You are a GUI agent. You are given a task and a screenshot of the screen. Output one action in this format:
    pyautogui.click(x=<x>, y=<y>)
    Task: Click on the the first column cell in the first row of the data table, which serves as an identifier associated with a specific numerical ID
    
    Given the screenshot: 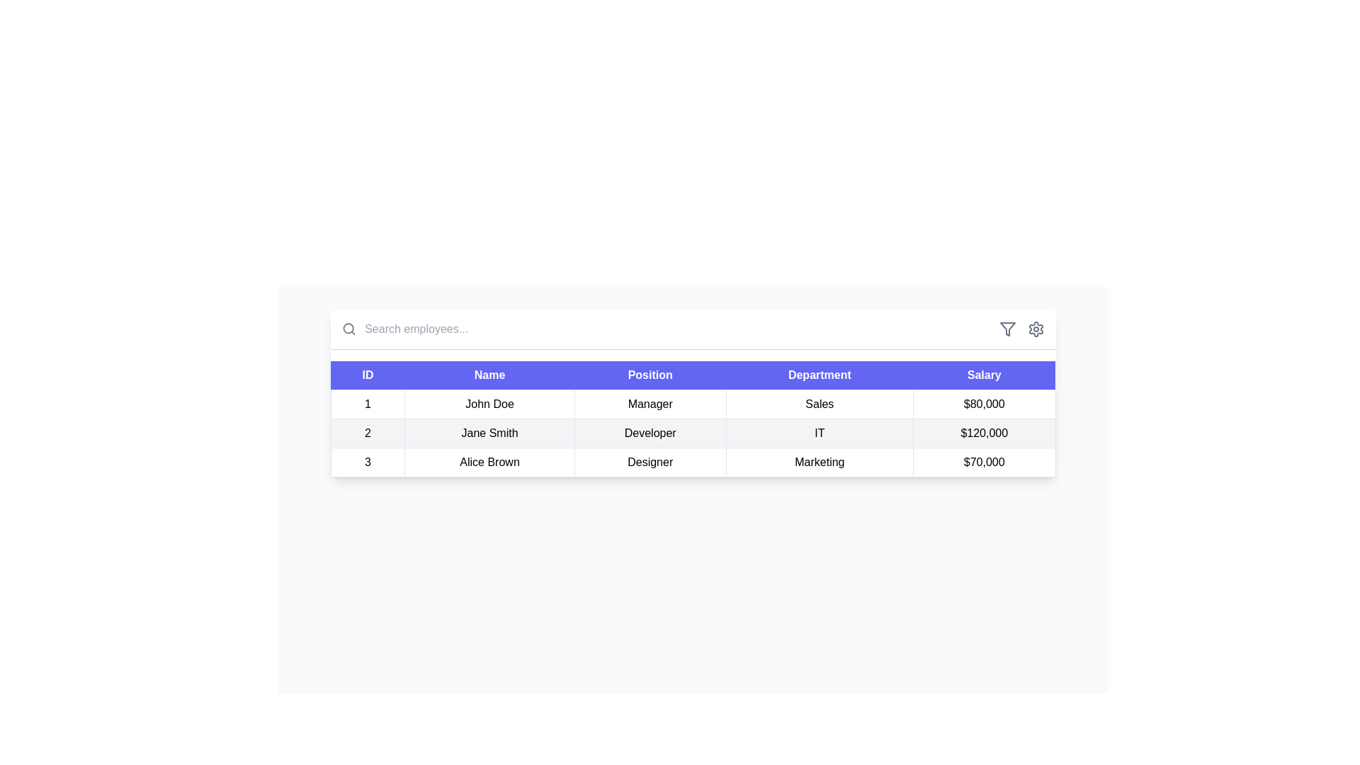 What is the action you would take?
    pyautogui.click(x=368, y=404)
    